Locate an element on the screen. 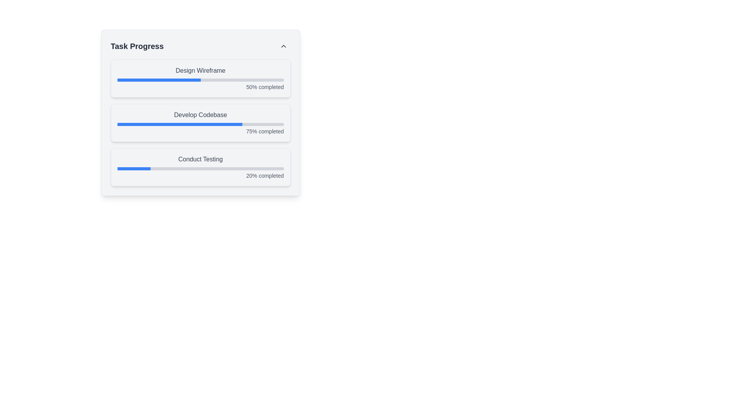 This screenshot has width=747, height=420. the filled portion of the progress bar segment in the 'Conduct Testing' section, which indicates '20% completed' is located at coordinates (134, 168).